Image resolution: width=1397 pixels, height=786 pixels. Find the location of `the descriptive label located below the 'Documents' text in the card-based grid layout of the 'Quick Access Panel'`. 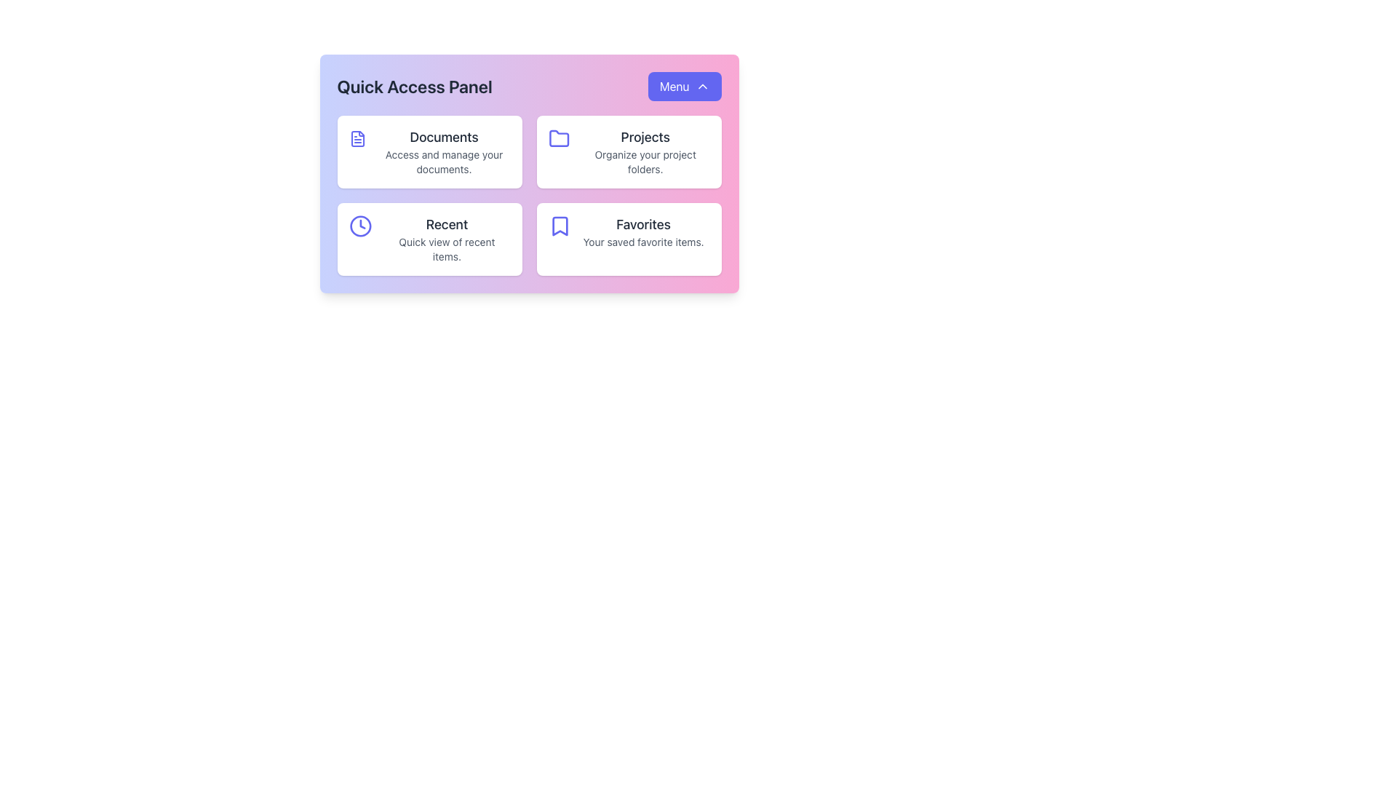

the descriptive label located below the 'Documents' text in the card-based grid layout of the 'Quick Access Panel' is located at coordinates (443, 162).